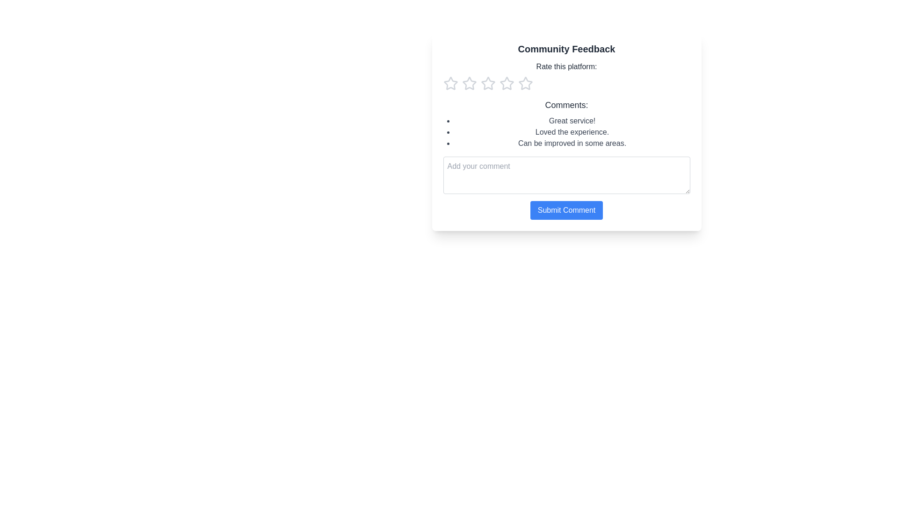 This screenshot has height=505, width=898. What do you see at coordinates (450, 83) in the screenshot?
I see `the star rating icon, which is the first star in the five-star rating component under the heading 'Rate this platform:'` at bounding box center [450, 83].